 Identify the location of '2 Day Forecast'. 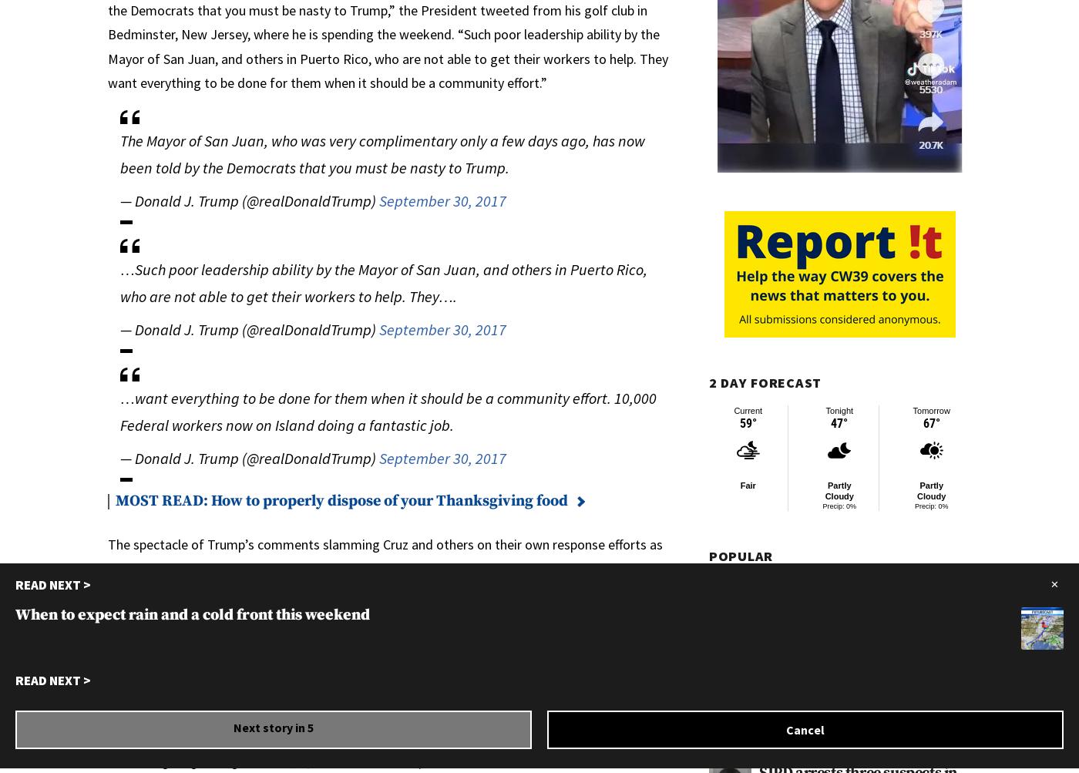
(765, 382).